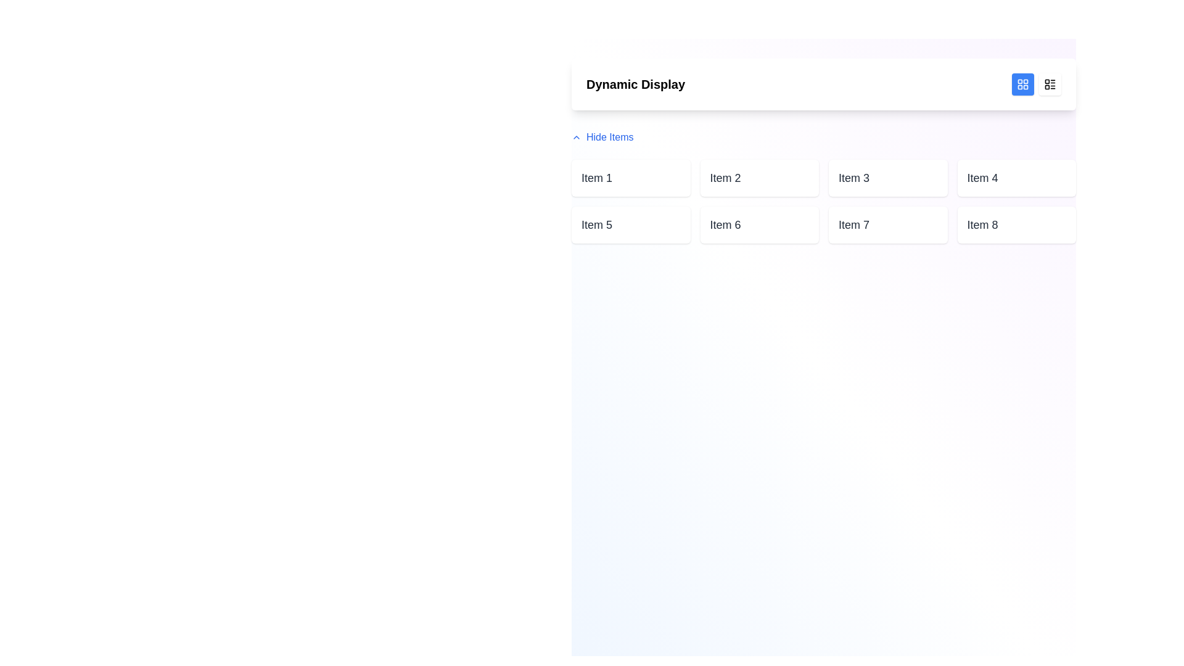  What do you see at coordinates (758, 178) in the screenshot?
I see `the non-interactive Display card located in the first row and second column of the grid layout, which provides information and is adjacent to 'Item 1' on the left and 'Item 3' on the right` at bounding box center [758, 178].